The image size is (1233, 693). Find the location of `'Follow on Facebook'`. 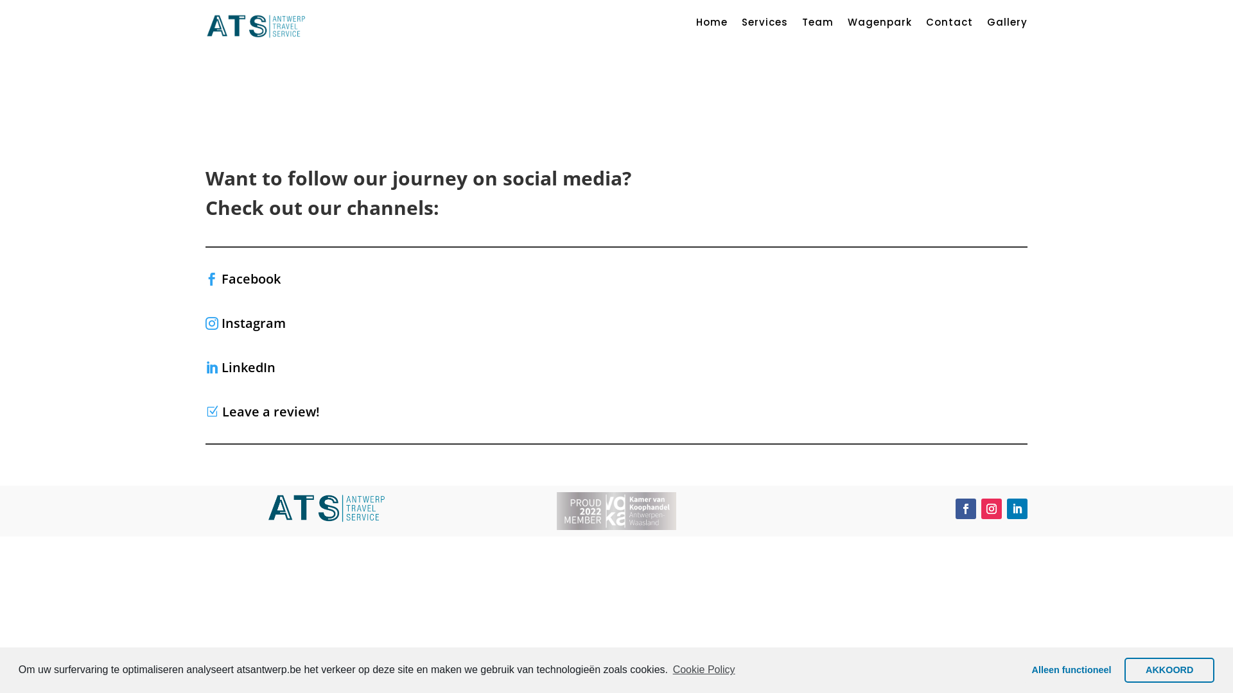

'Follow on Facebook' is located at coordinates (965, 508).